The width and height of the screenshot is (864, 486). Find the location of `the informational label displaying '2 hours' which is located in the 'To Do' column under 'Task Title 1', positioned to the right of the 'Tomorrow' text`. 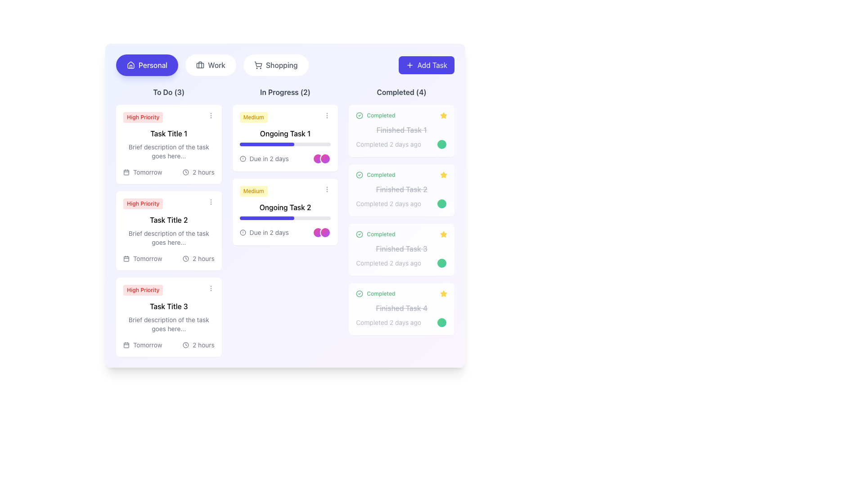

the informational label displaying '2 hours' which is located in the 'To Do' column under 'Task Title 1', positioned to the right of the 'Tomorrow' text is located at coordinates (198, 172).